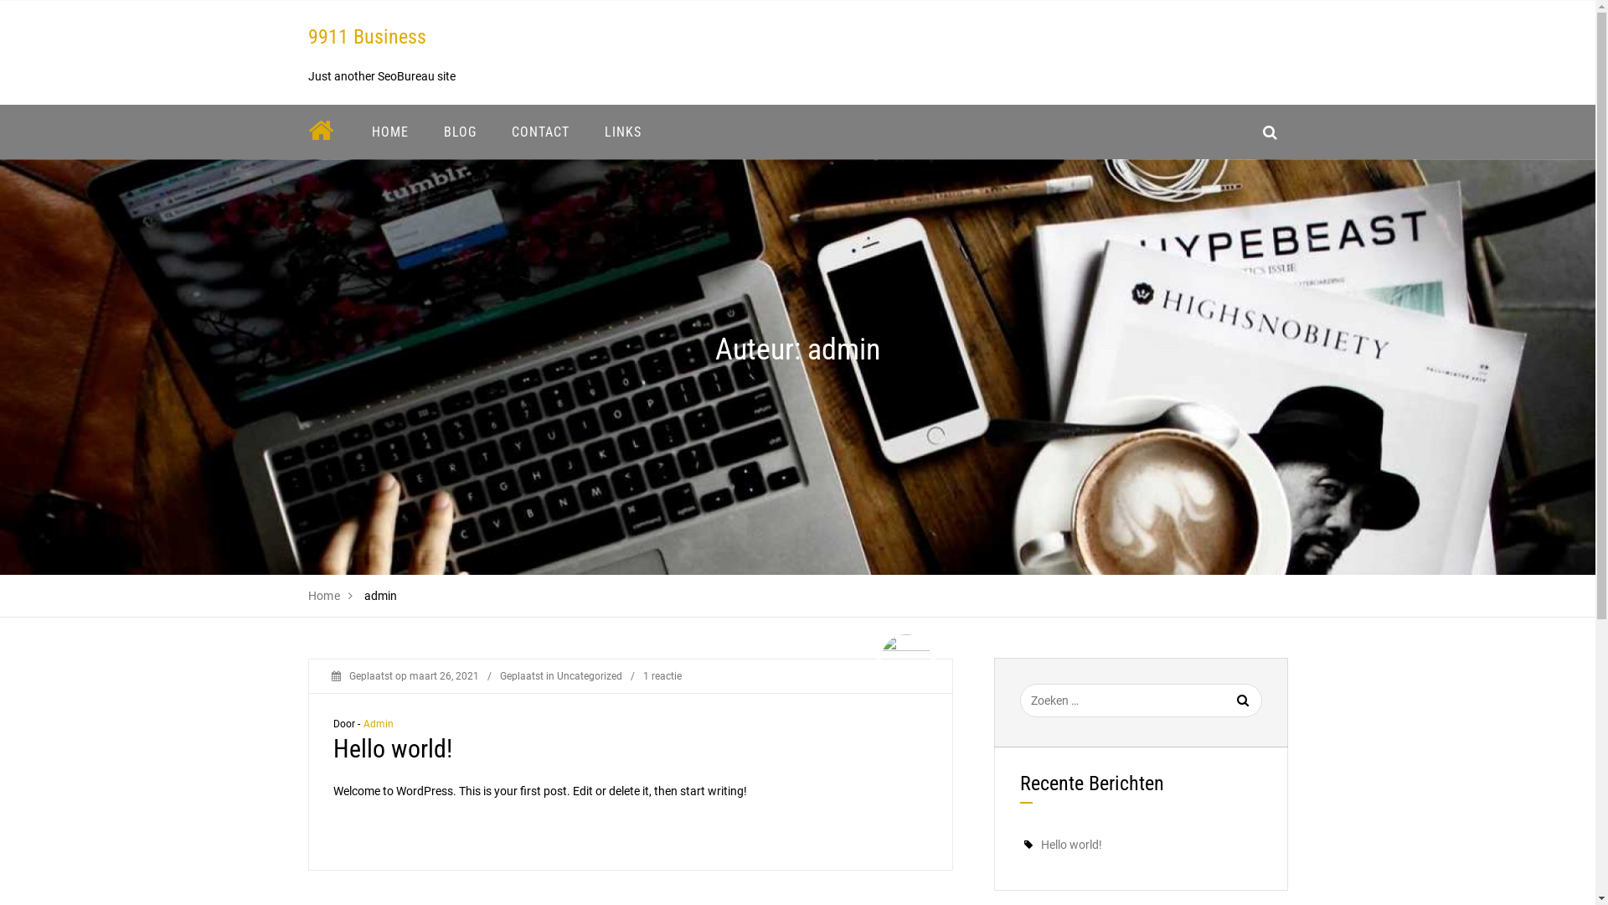 This screenshot has width=1608, height=905. Describe the element at coordinates (540, 131) in the screenshot. I see `'CONTACT'` at that location.